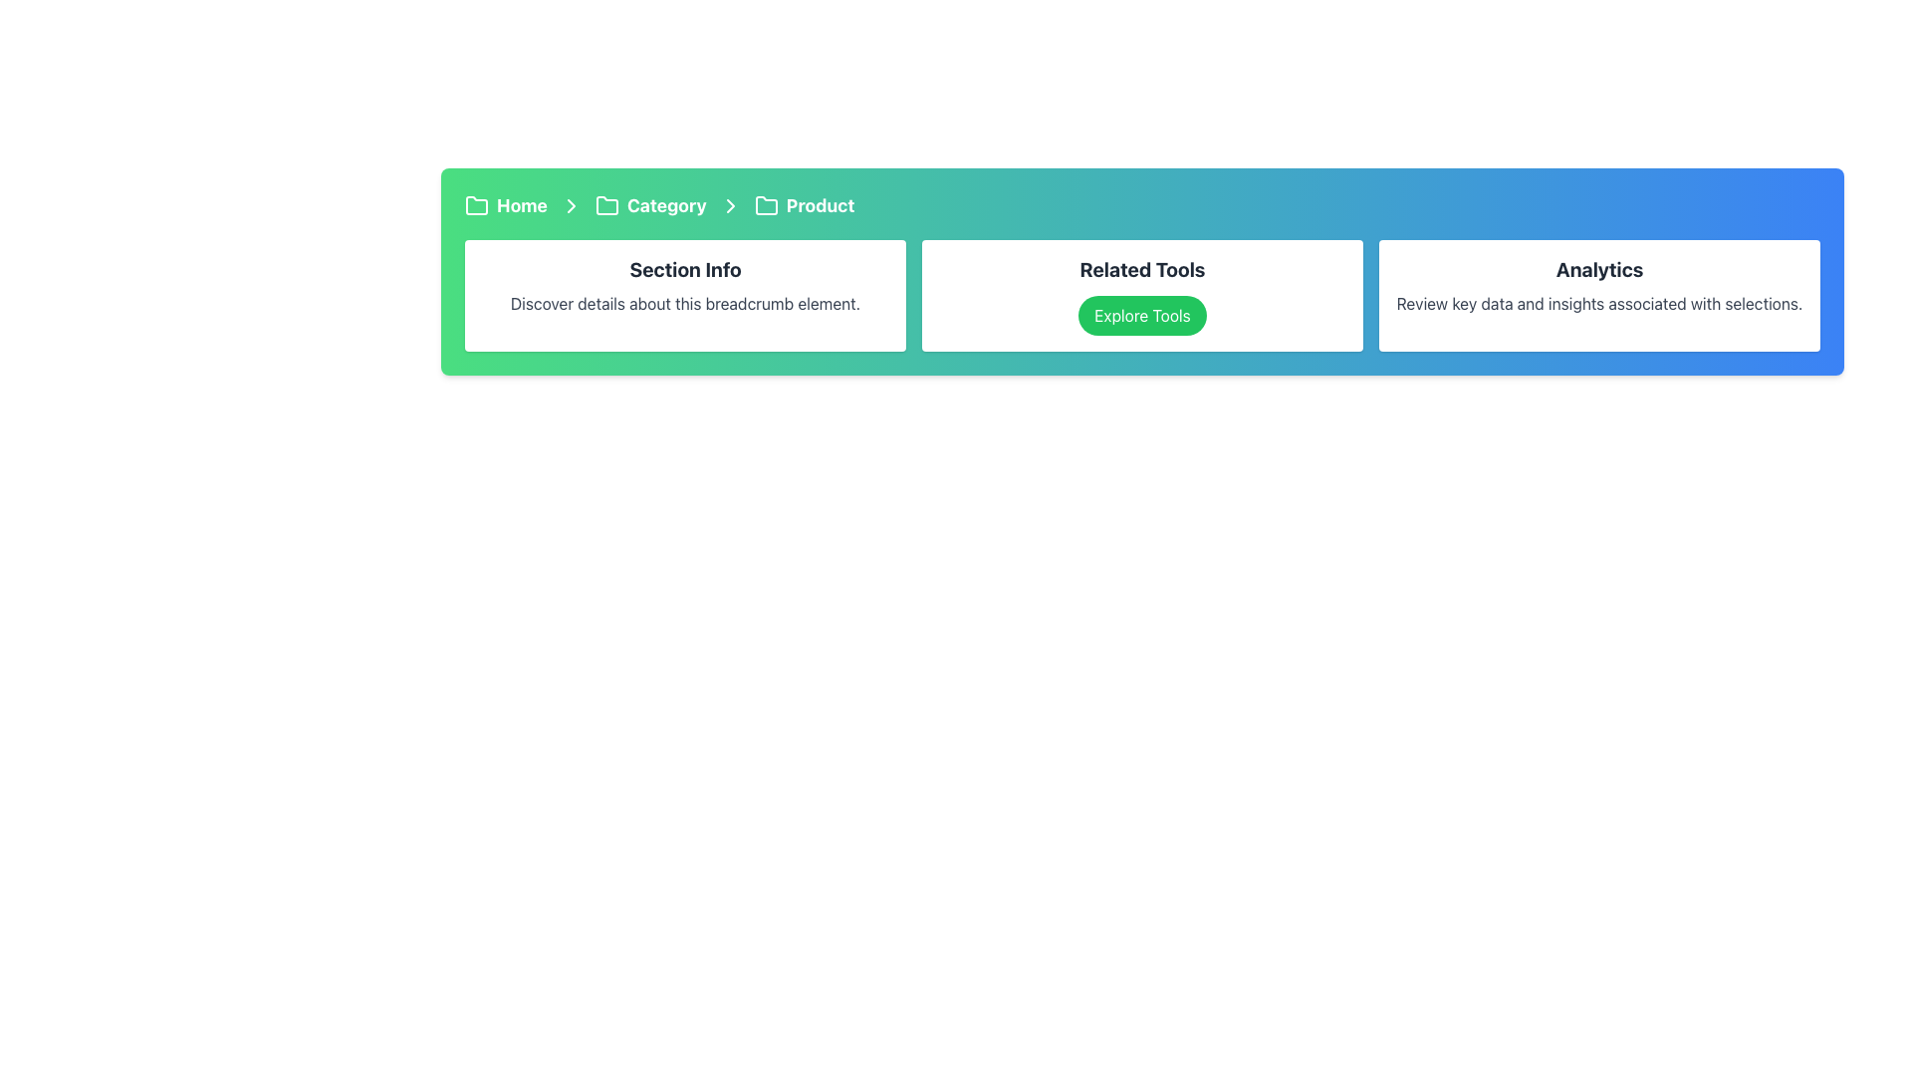  What do you see at coordinates (729, 206) in the screenshot?
I see `the second right-facing Chevron icon in the breadcrumb navigation bar, which visually separates the 'Category' and 'Product' breadcrumb items` at bounding box center [729, 206].